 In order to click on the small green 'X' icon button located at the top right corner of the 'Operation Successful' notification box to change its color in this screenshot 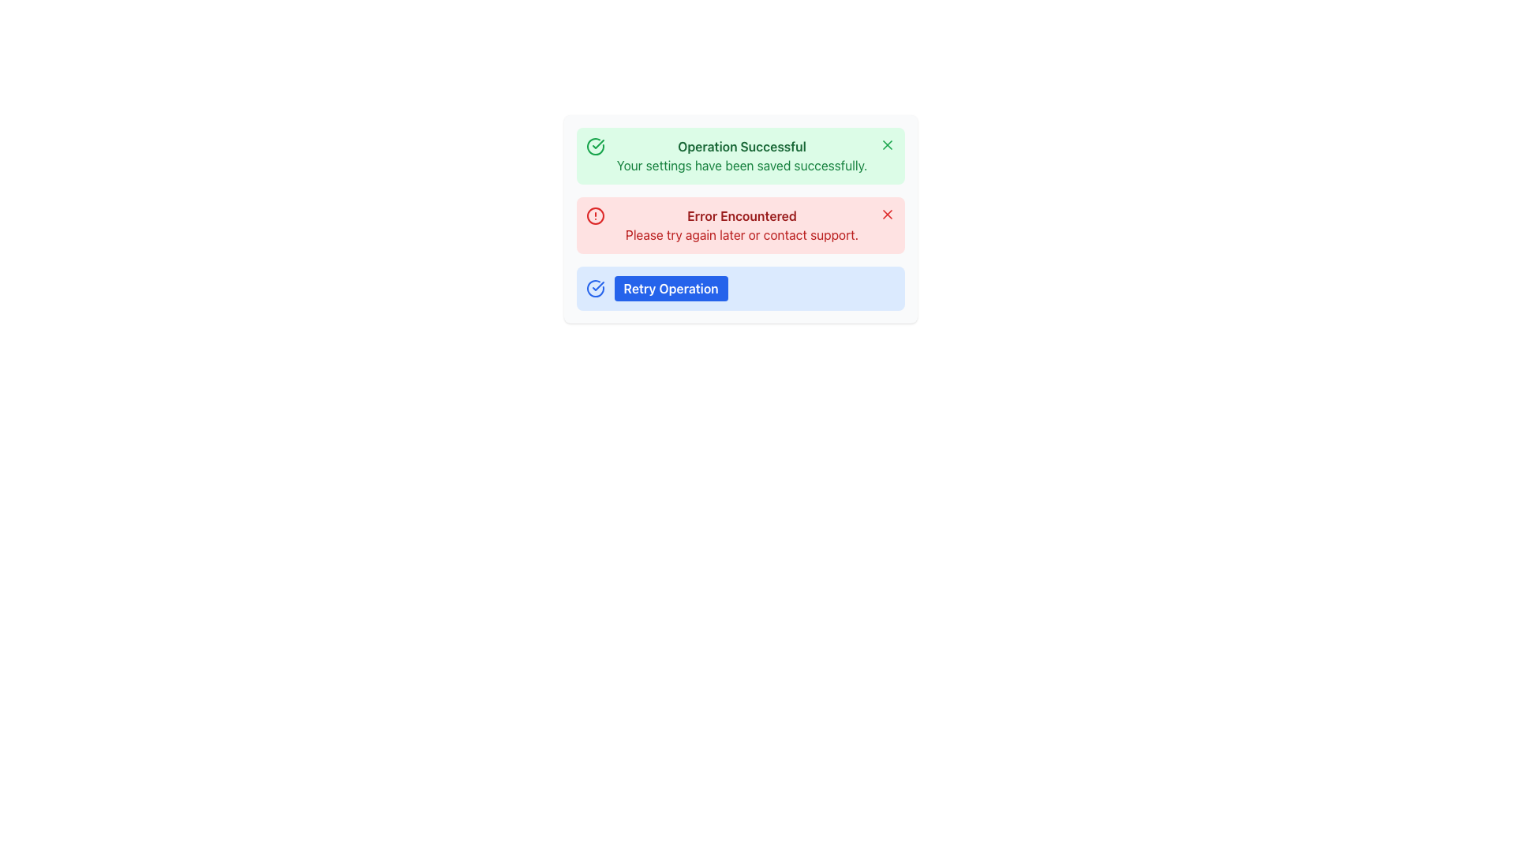, I will do `click(887, 145)`.